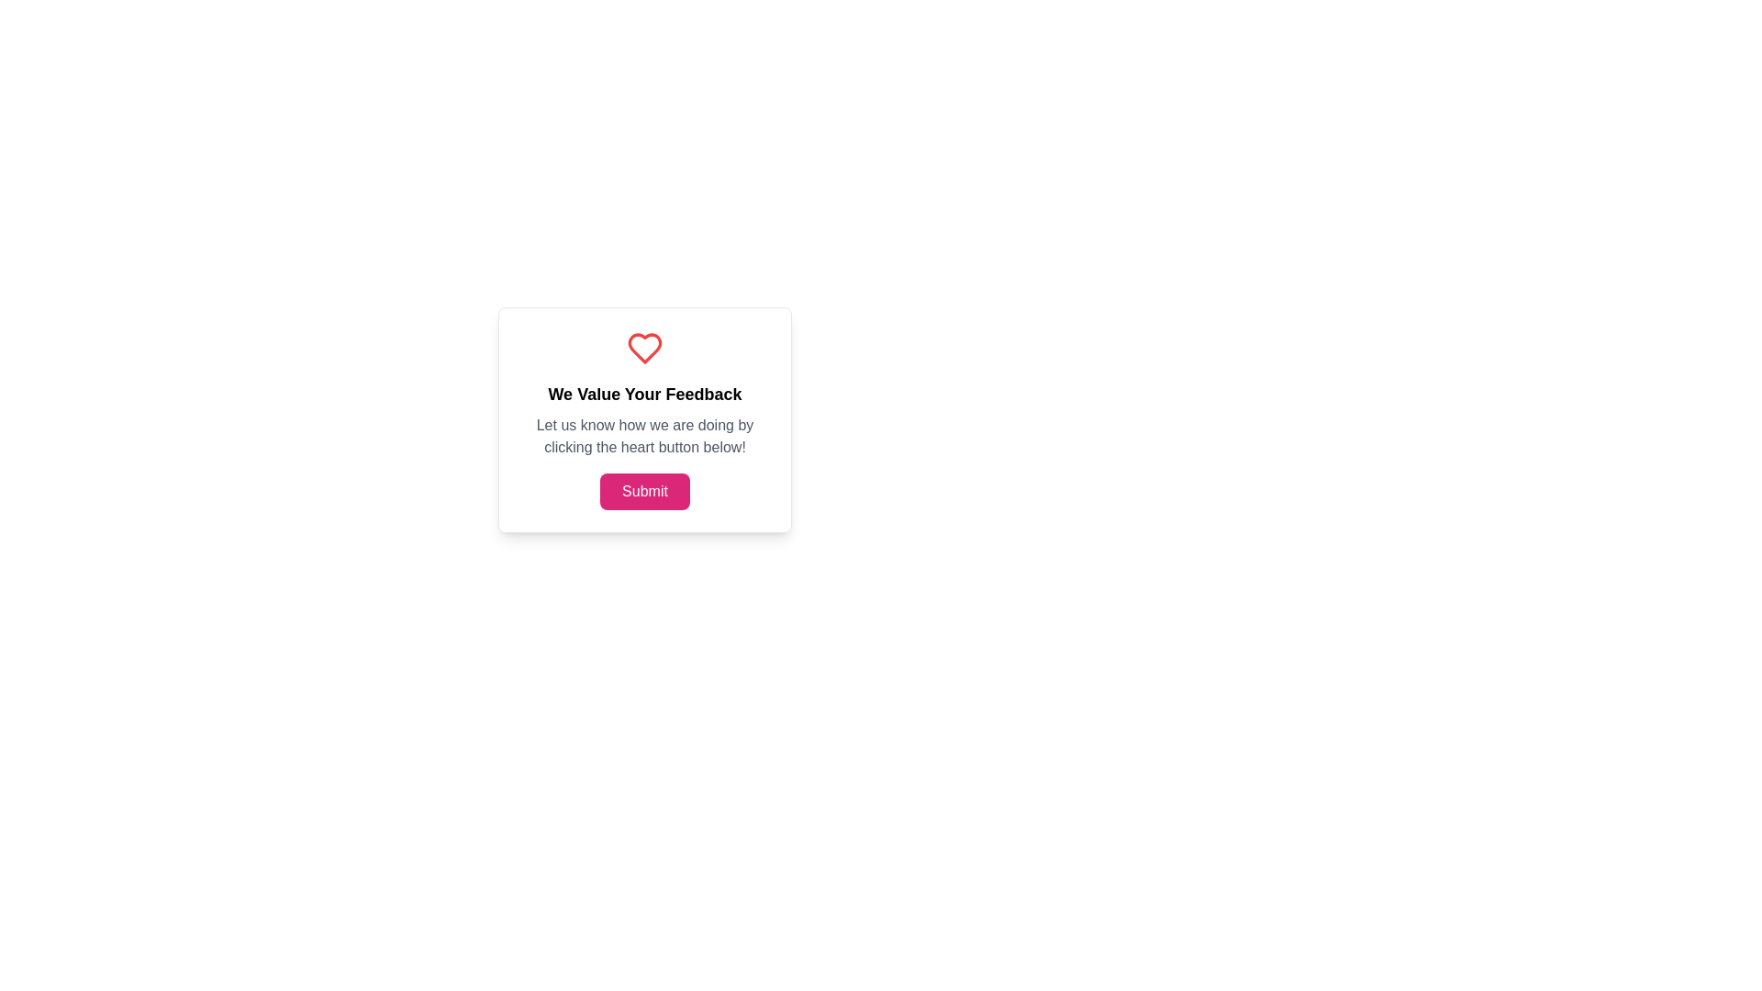 This screenshot has width=1762, height=991. What do you see at coordinates (644, 349) in the screenshot?
I see `the red outlined heart icon located near the top of the feedback modal, above the heading text 'We Value Your Feedback'` at bounding box center [644, 349].